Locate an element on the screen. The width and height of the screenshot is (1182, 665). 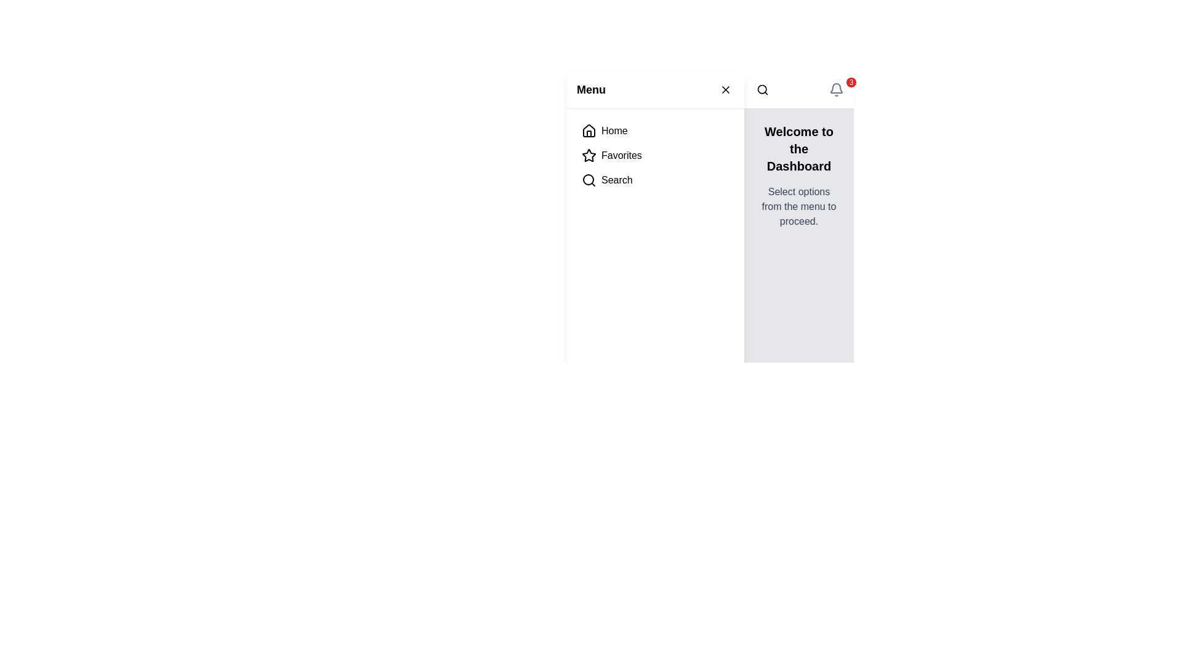
the navigation button for the search feature located as the third item in the vertical menu of the left sidebar is located at coordinates (655, 180).